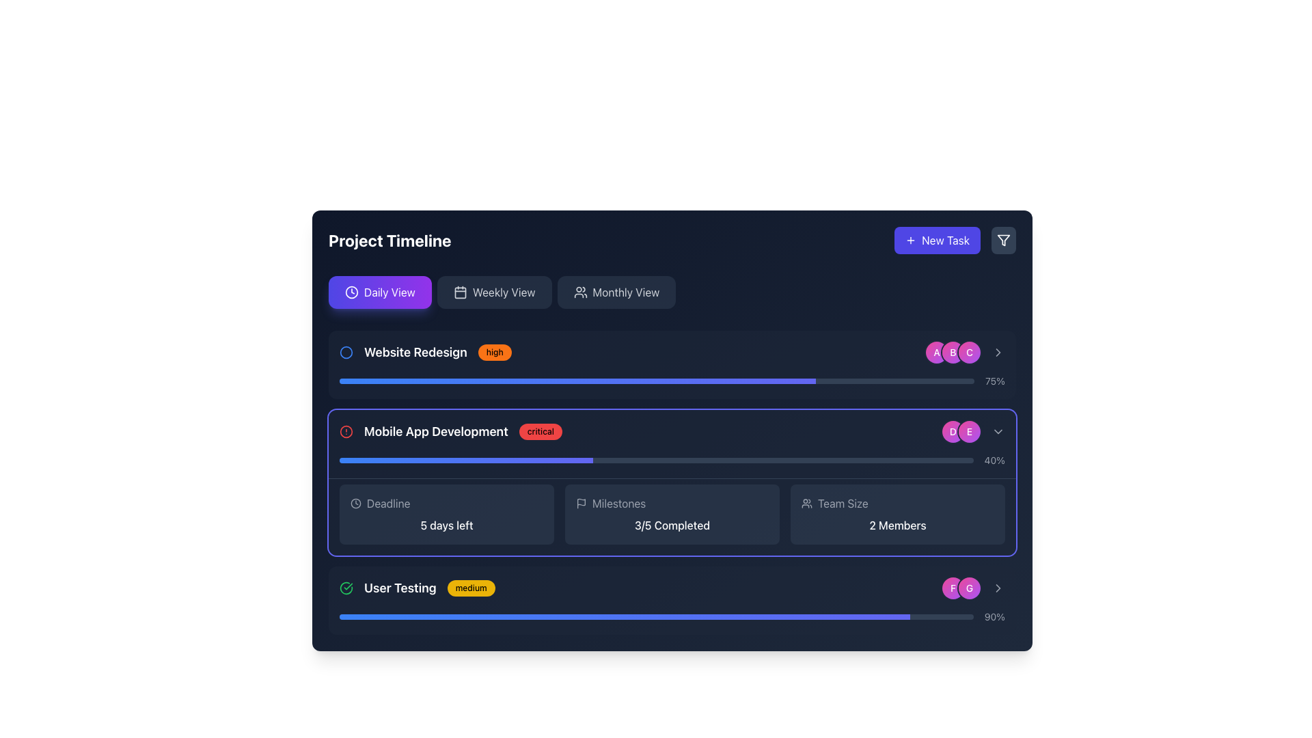 This screenshot has width=1312, height=738. What do you see at coordinates (424, 352) in the screenshot?
I see `the orange priority badge labeled 'high' in the task list interface` at bounding box center [424, 352].